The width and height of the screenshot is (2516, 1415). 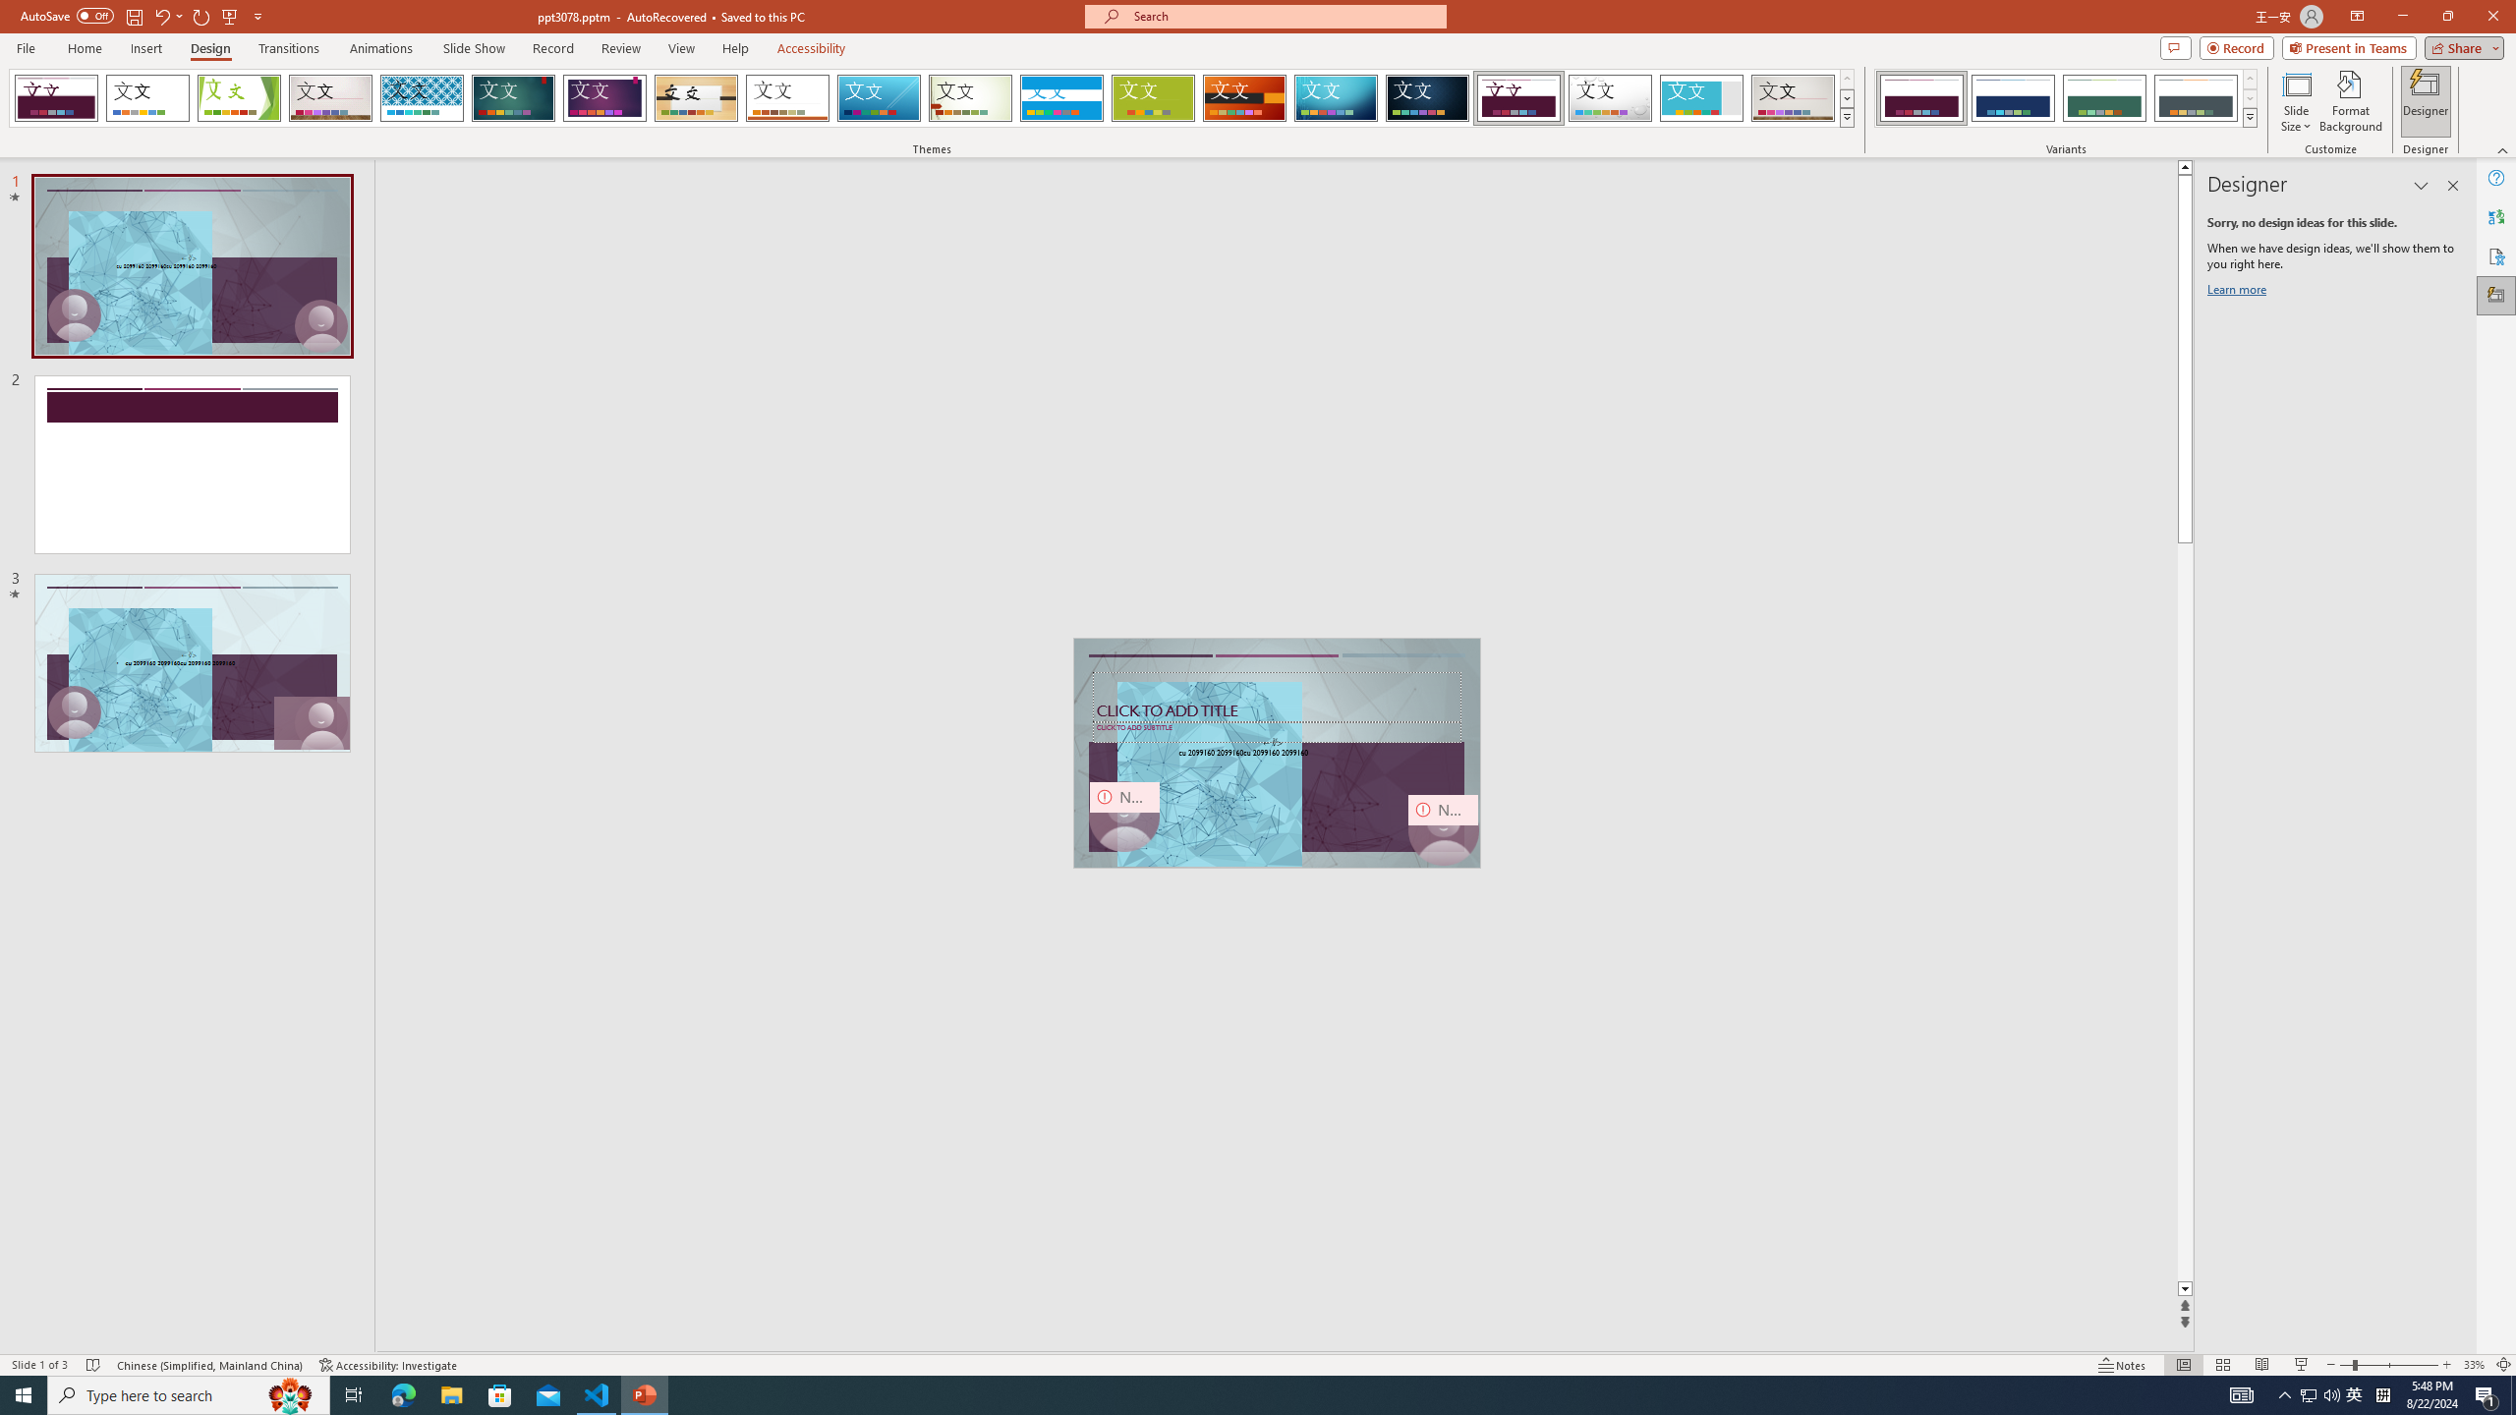 I want to click on 'Minimize', so click(x=2401, y=16).